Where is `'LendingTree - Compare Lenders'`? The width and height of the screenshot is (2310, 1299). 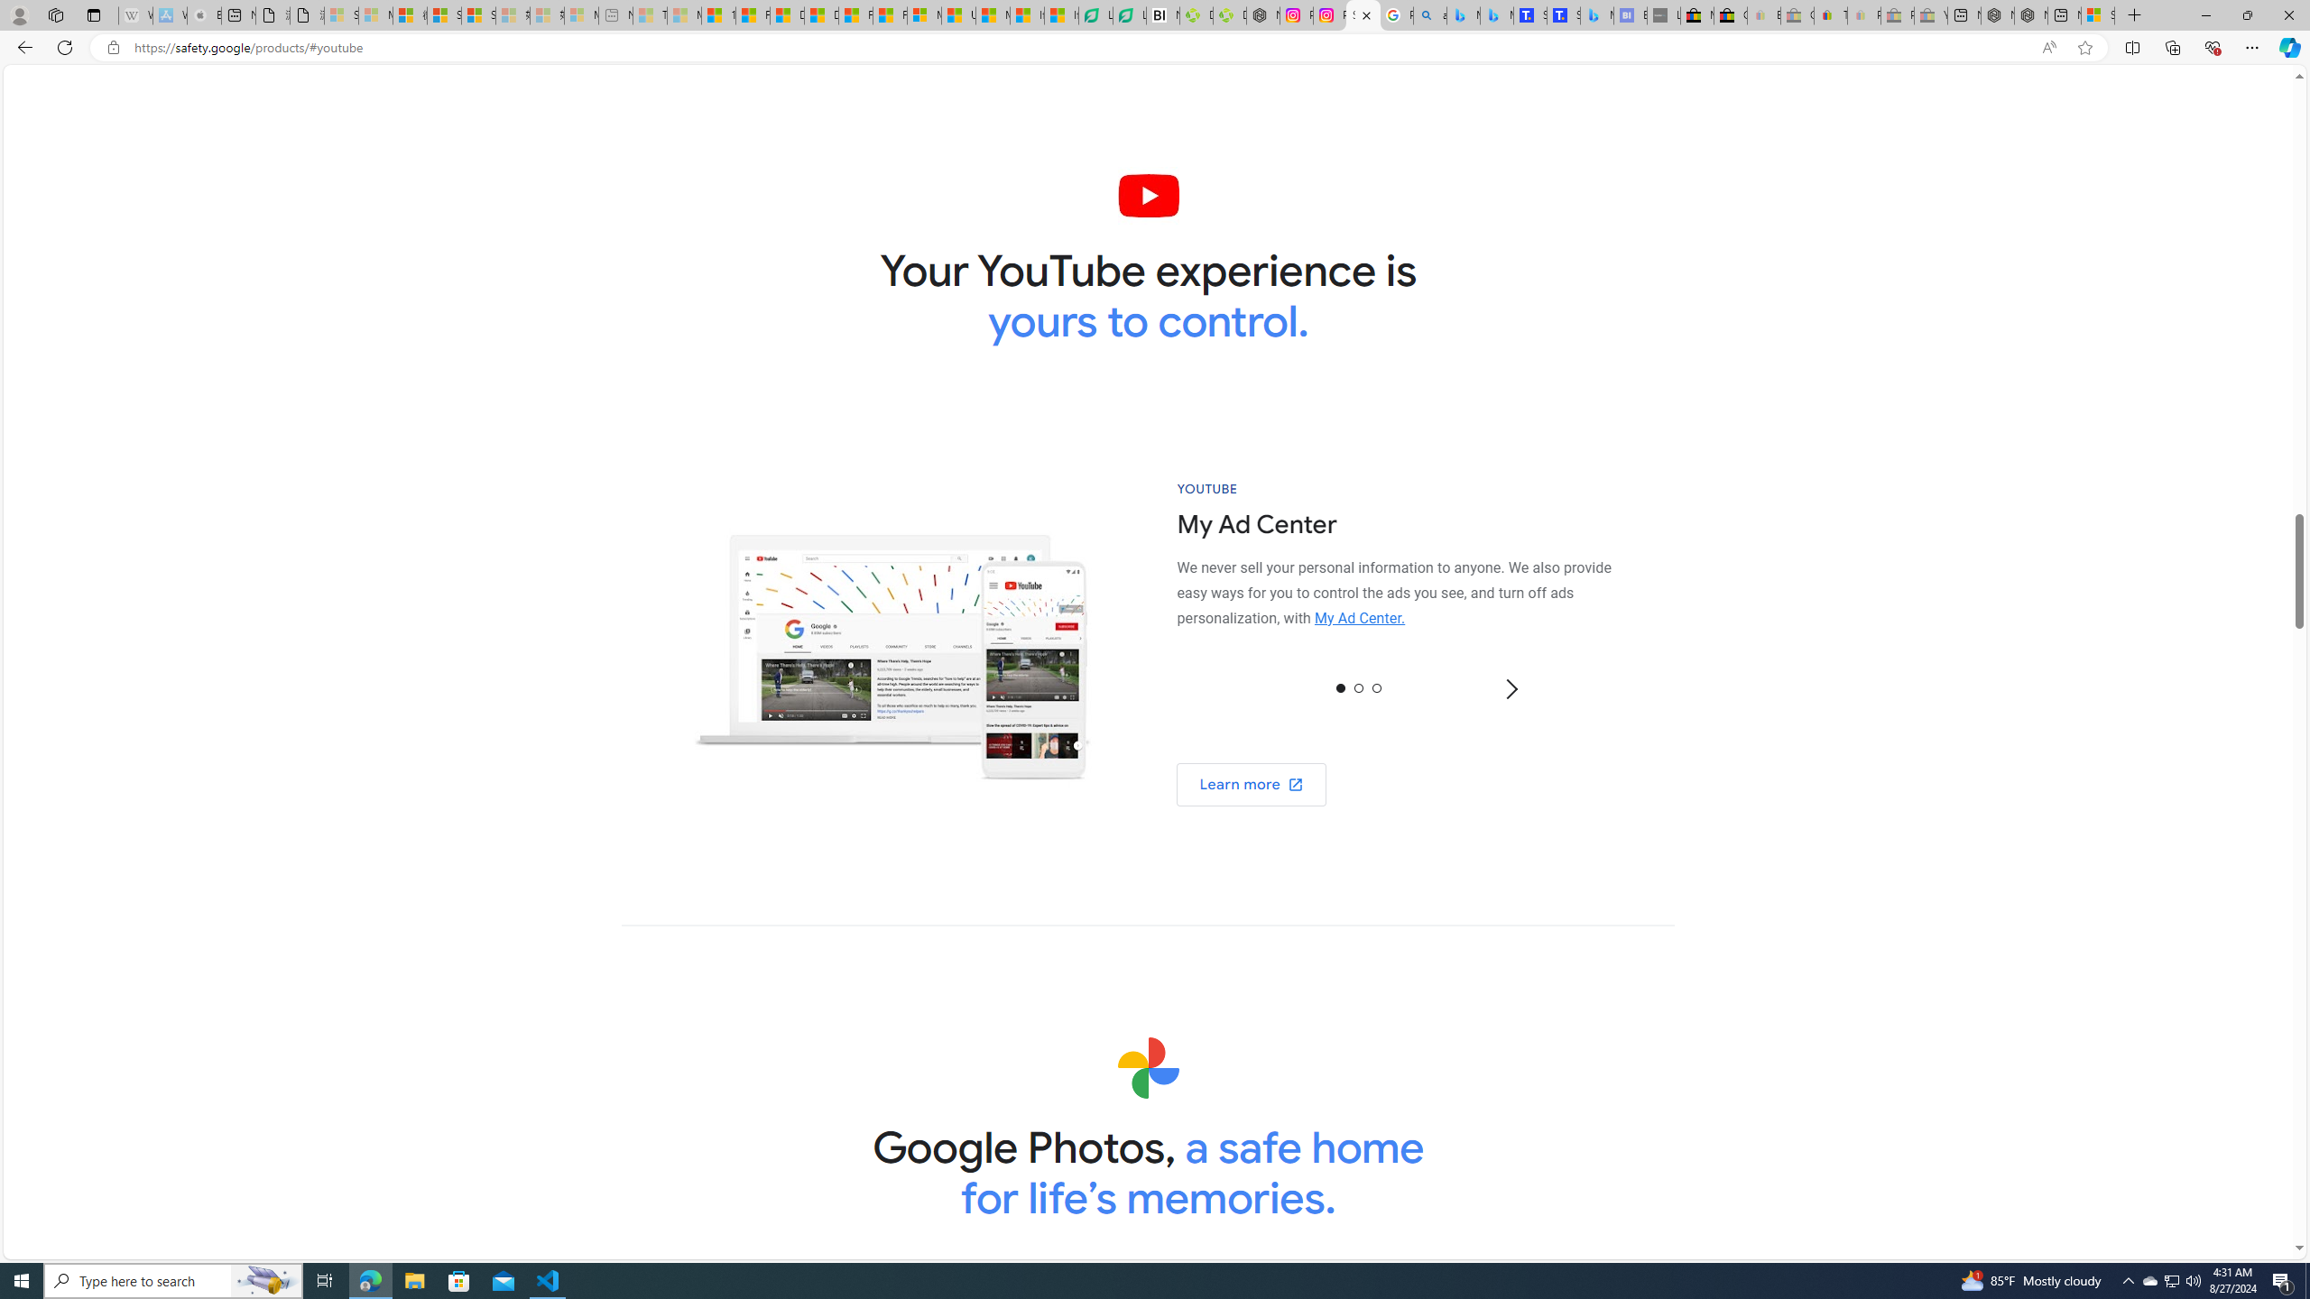 'LendingTree - Compare Lenders' is located at coordinates (1130, 14).